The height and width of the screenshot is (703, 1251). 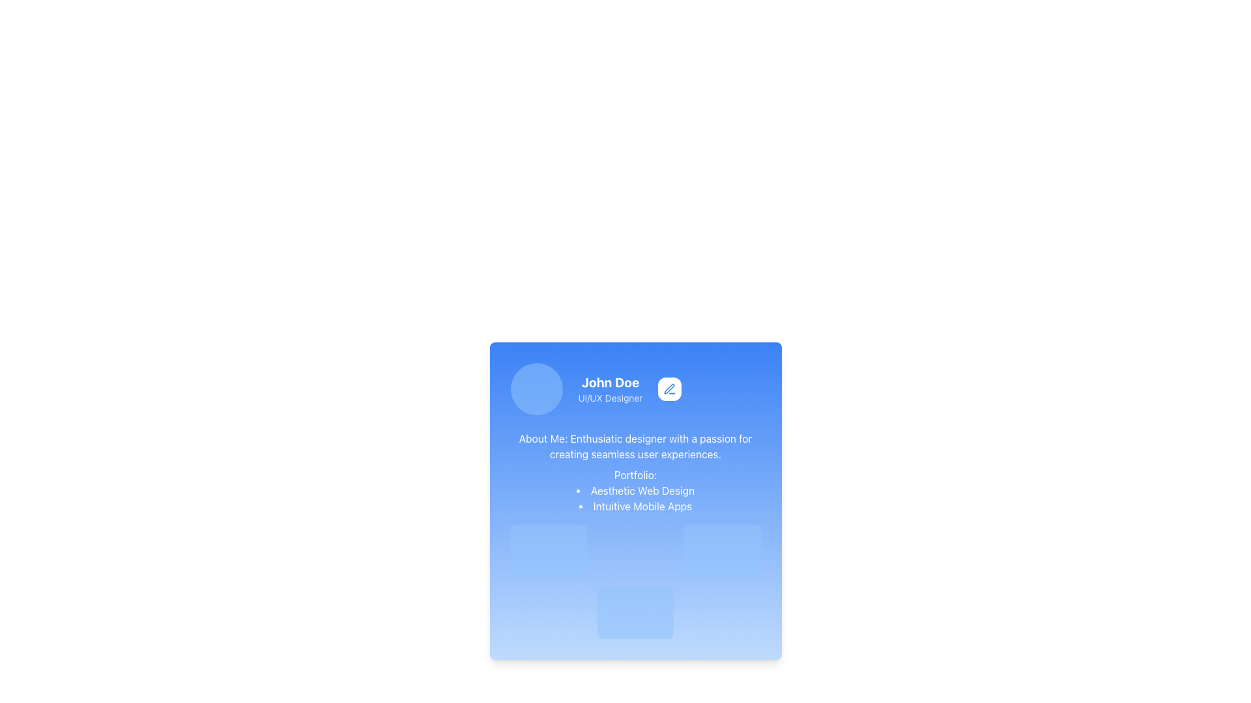 I want to click on the Text Block displaying the profile header, which is located to the right of a circular placeholder image and to the left of a pen icon button, so click(x=609, y=388).